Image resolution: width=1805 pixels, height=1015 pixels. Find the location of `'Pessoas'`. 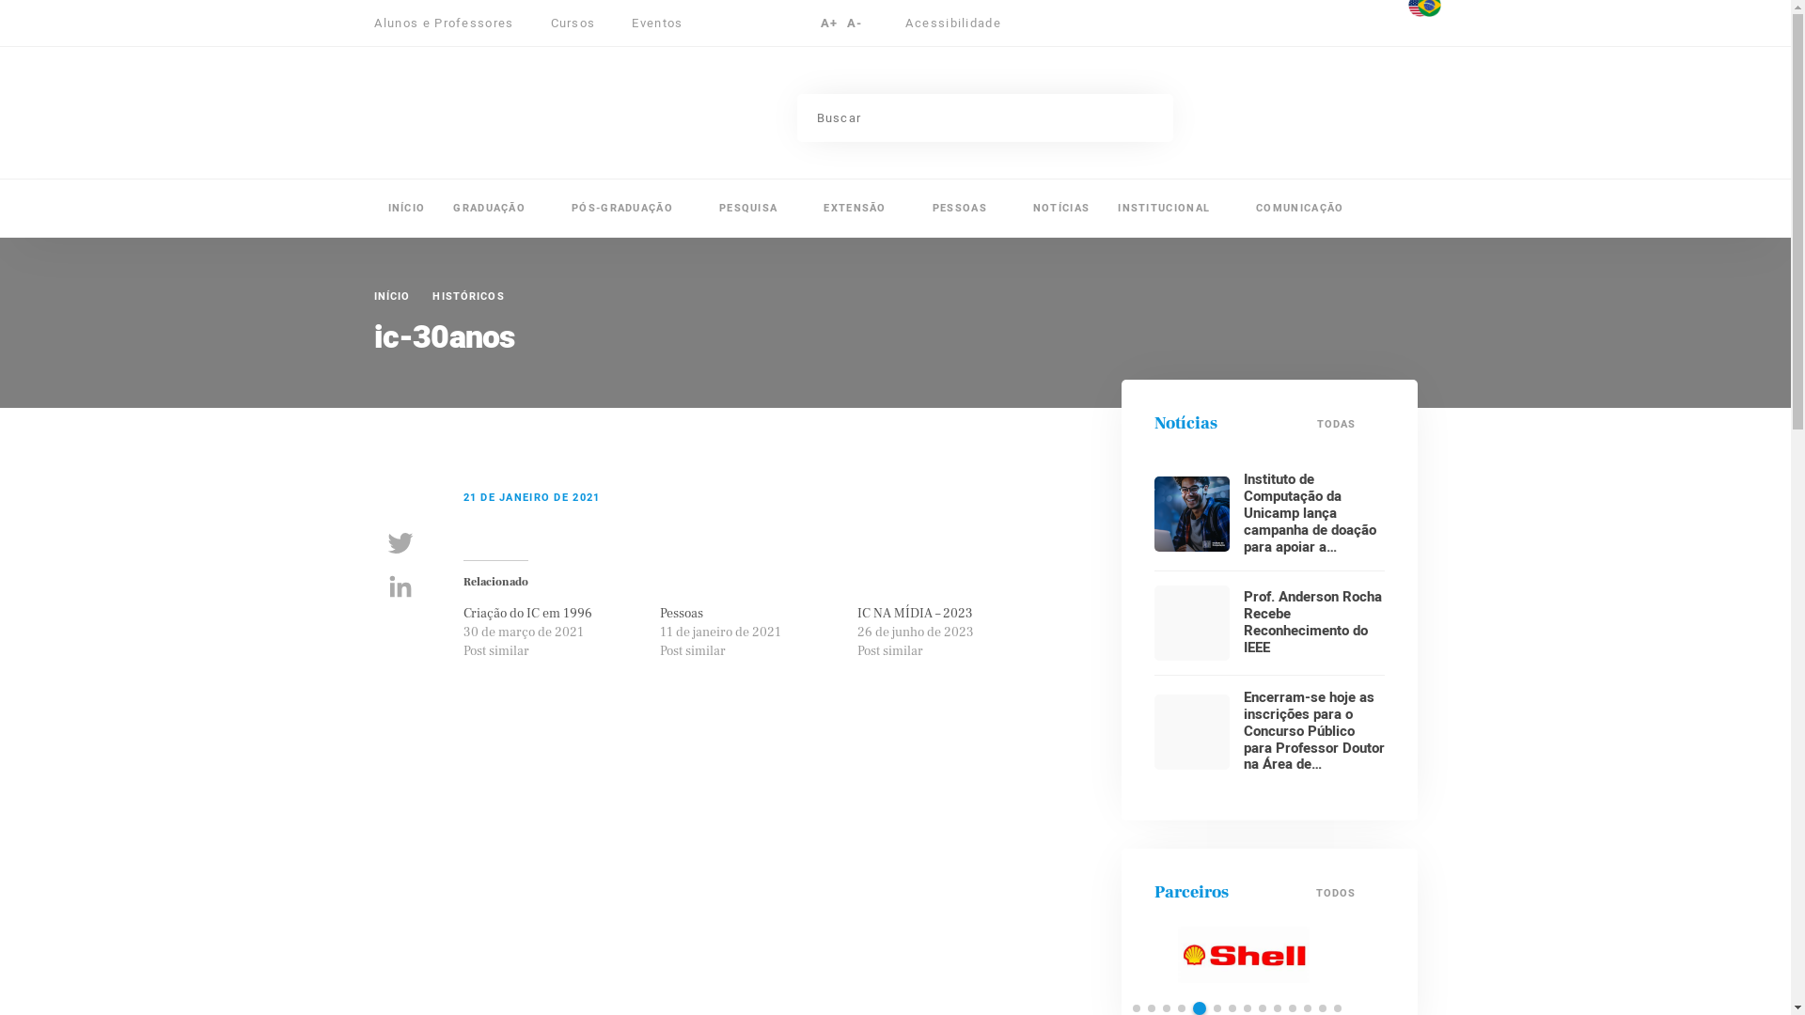

'Pessoas' is located at coordinates (680, 613).